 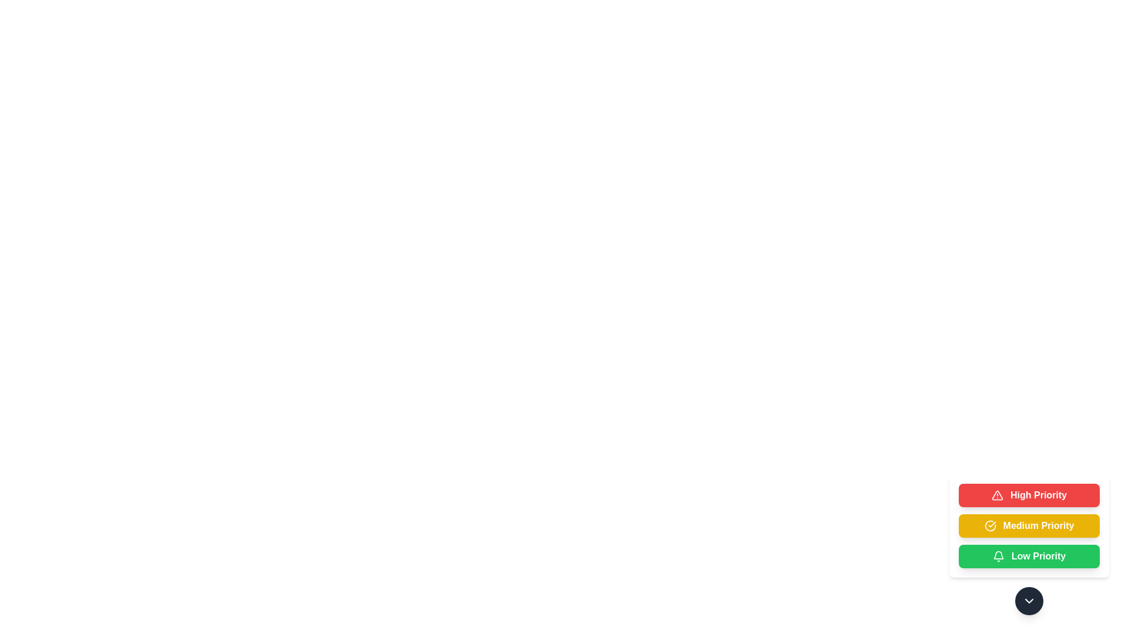 I want to click on the button labeled Low Priority, so click(x=1029, y=556).